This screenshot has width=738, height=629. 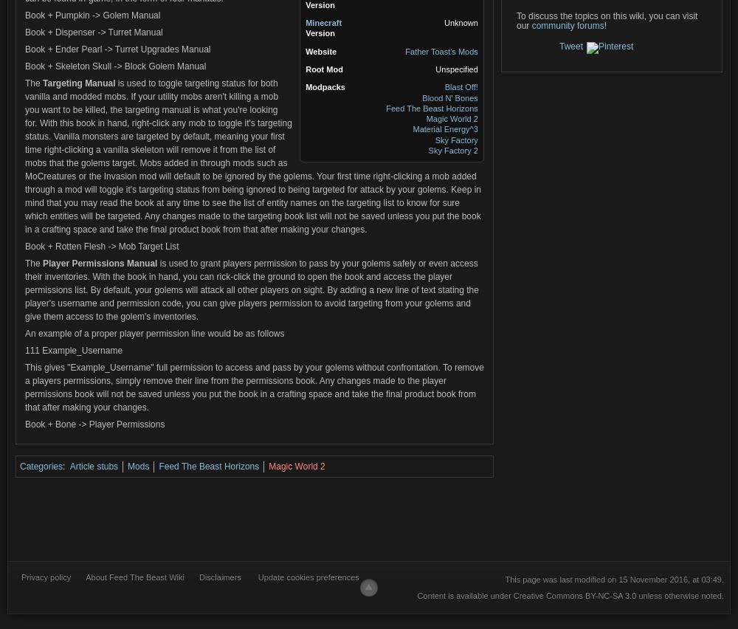 I want to click on 'Creative Commons BY-NC-SA 3.0', so click(x=574, y=594).